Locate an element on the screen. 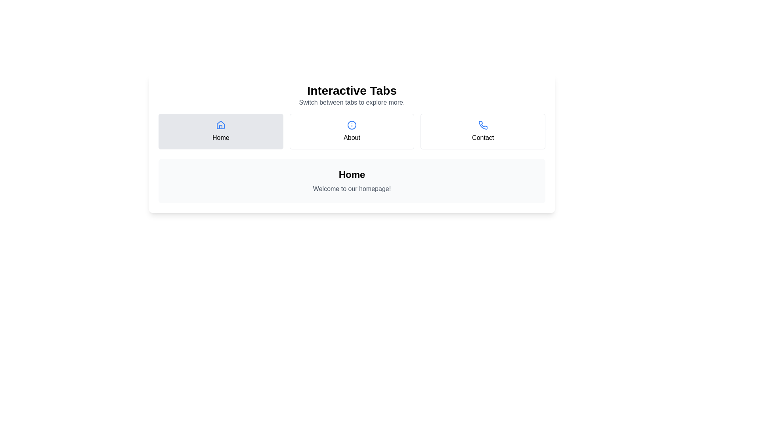 This screenshot has height=428, width=761. the tab labeled Home to display its associated text is located at coordinates (220, 131).